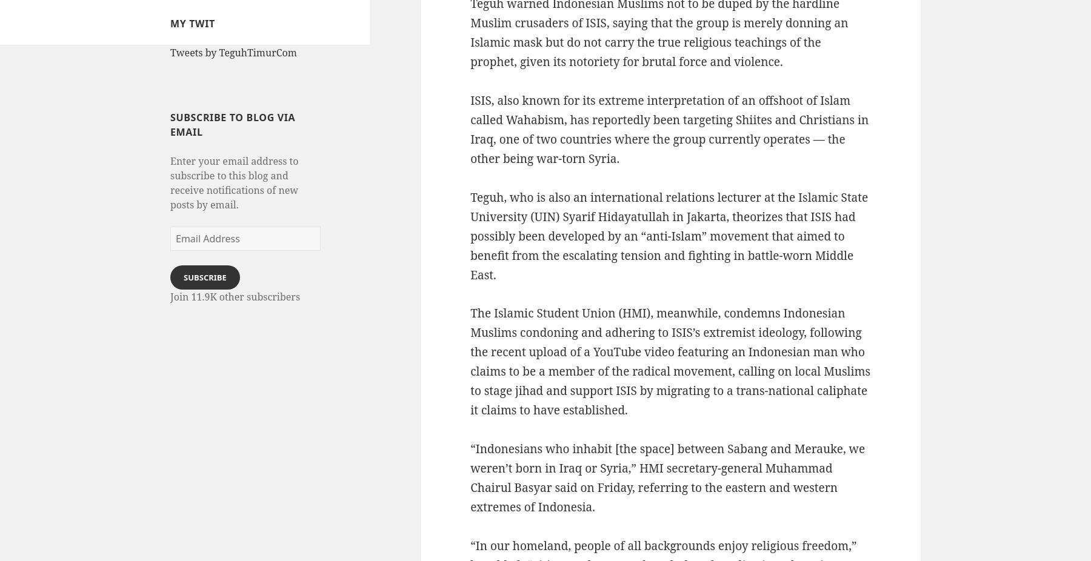  I want to click on 'Subscribe to Blog via Email', so click(169, 124).